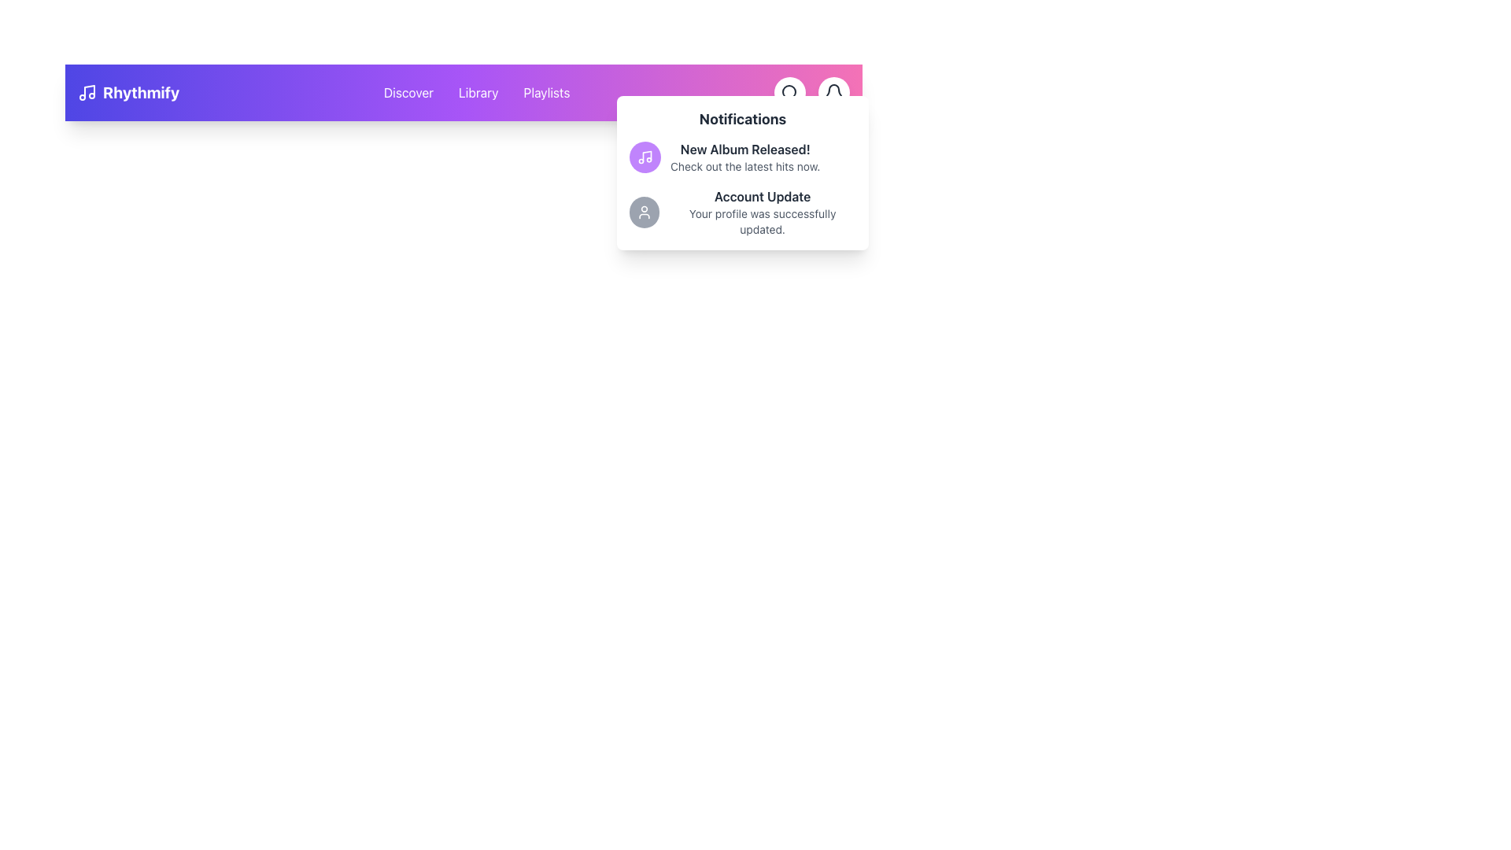  What do you see at coordinates (742, 157) in the screenshot?
I see `the Notification Item displaying 'New Album Released!' with a purple circular icon and two lines of text` at bounding box center [742, 157].